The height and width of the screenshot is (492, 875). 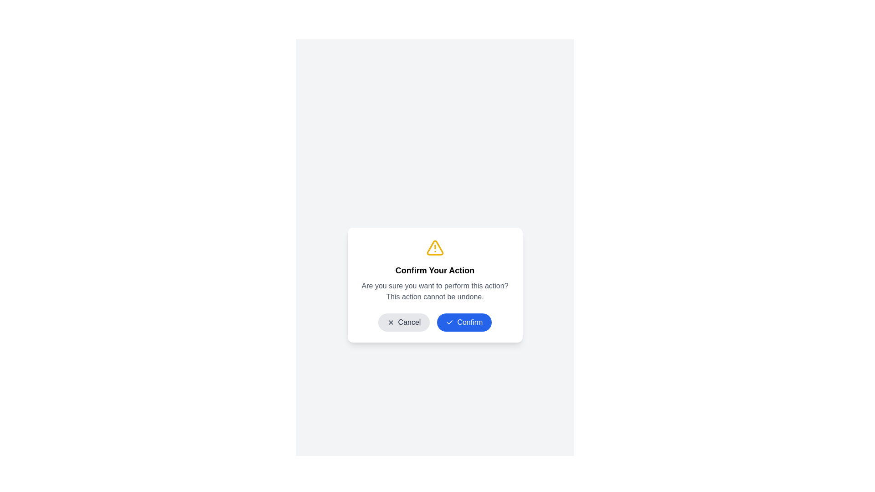 What do you see at coordinates (434, 247) in the screenshot?
I see `the triangular alert icon with orange borders and a yellow interior located above the 'Confirm Your Action' text to possibly reveal a tooltip` at bounding box center [434, 247].